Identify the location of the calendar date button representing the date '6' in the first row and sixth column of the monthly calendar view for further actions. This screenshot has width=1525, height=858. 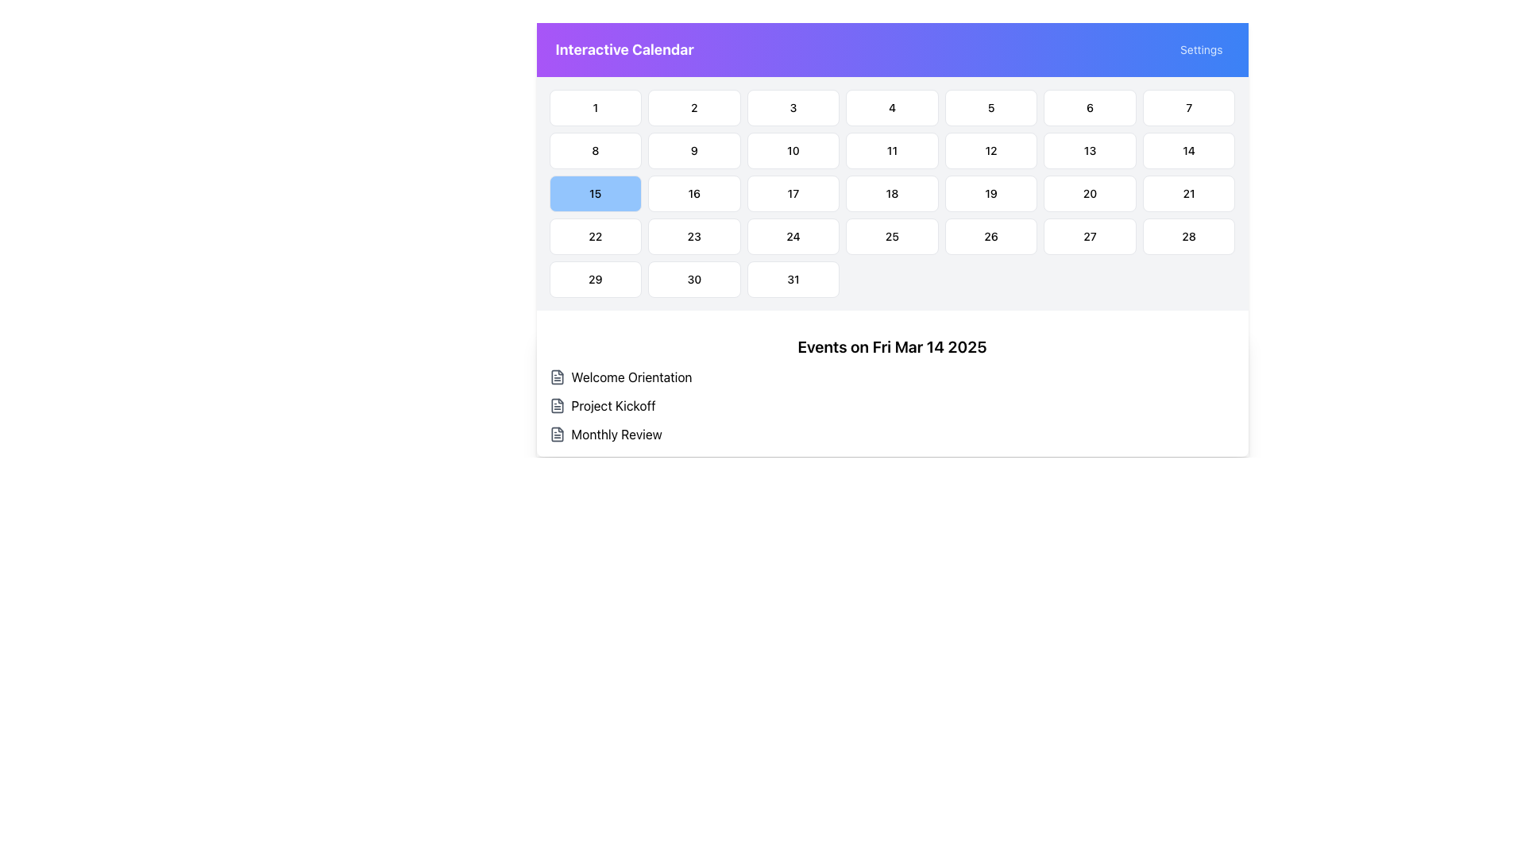
(1089, 107).